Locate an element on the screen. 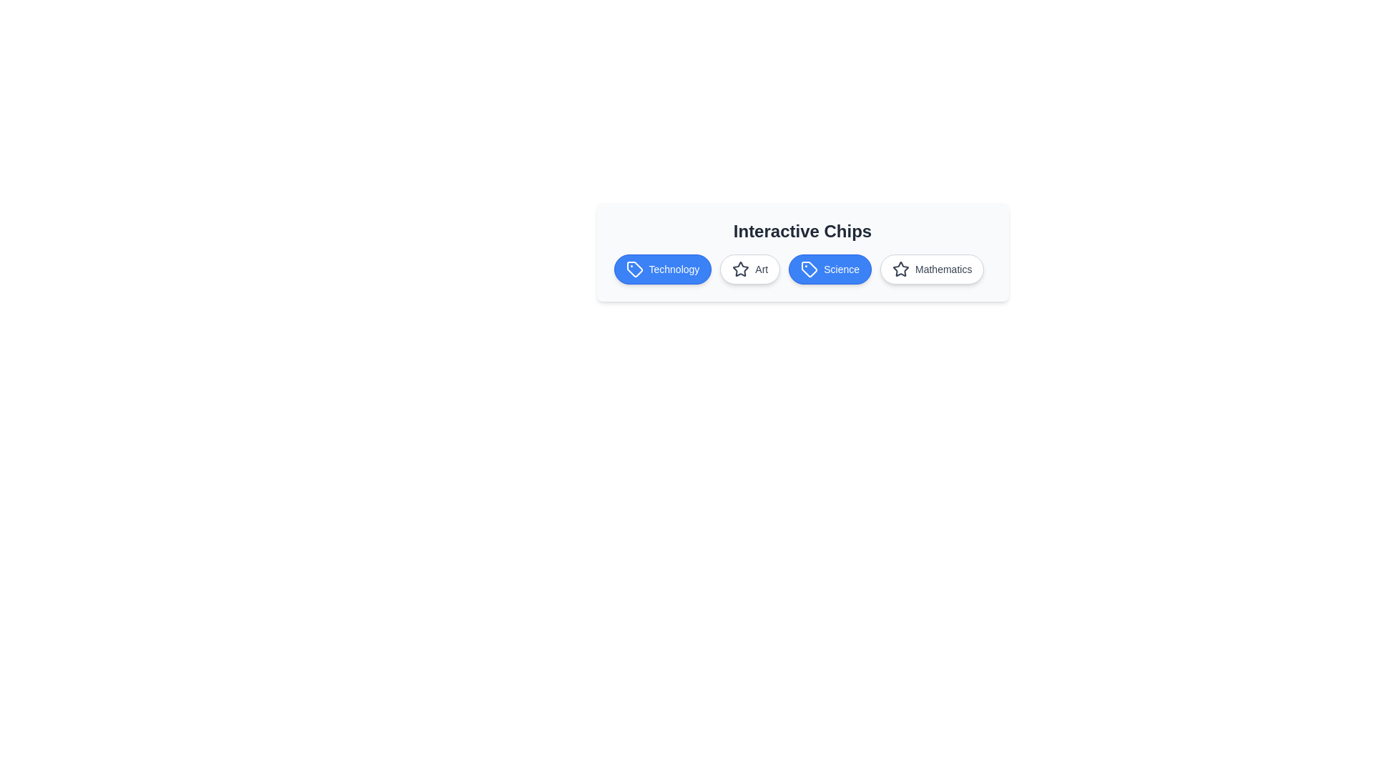  the 'Technology' chip to toggle its activation state is located at coordinates (661, 269).